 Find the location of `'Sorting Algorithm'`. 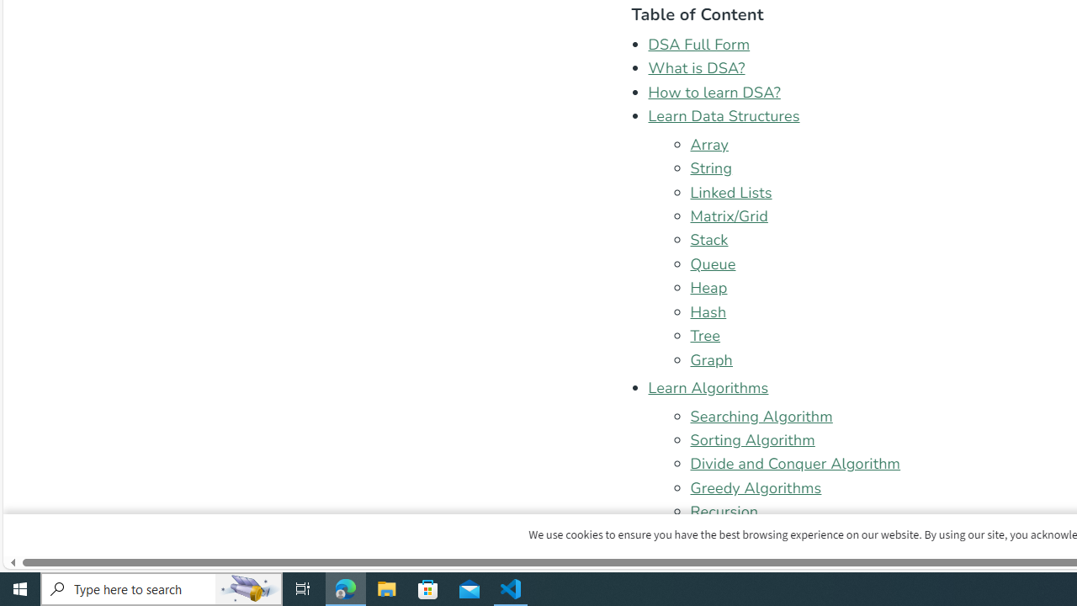

'Sorting Algorithm' is located at coordinates (751, 439).